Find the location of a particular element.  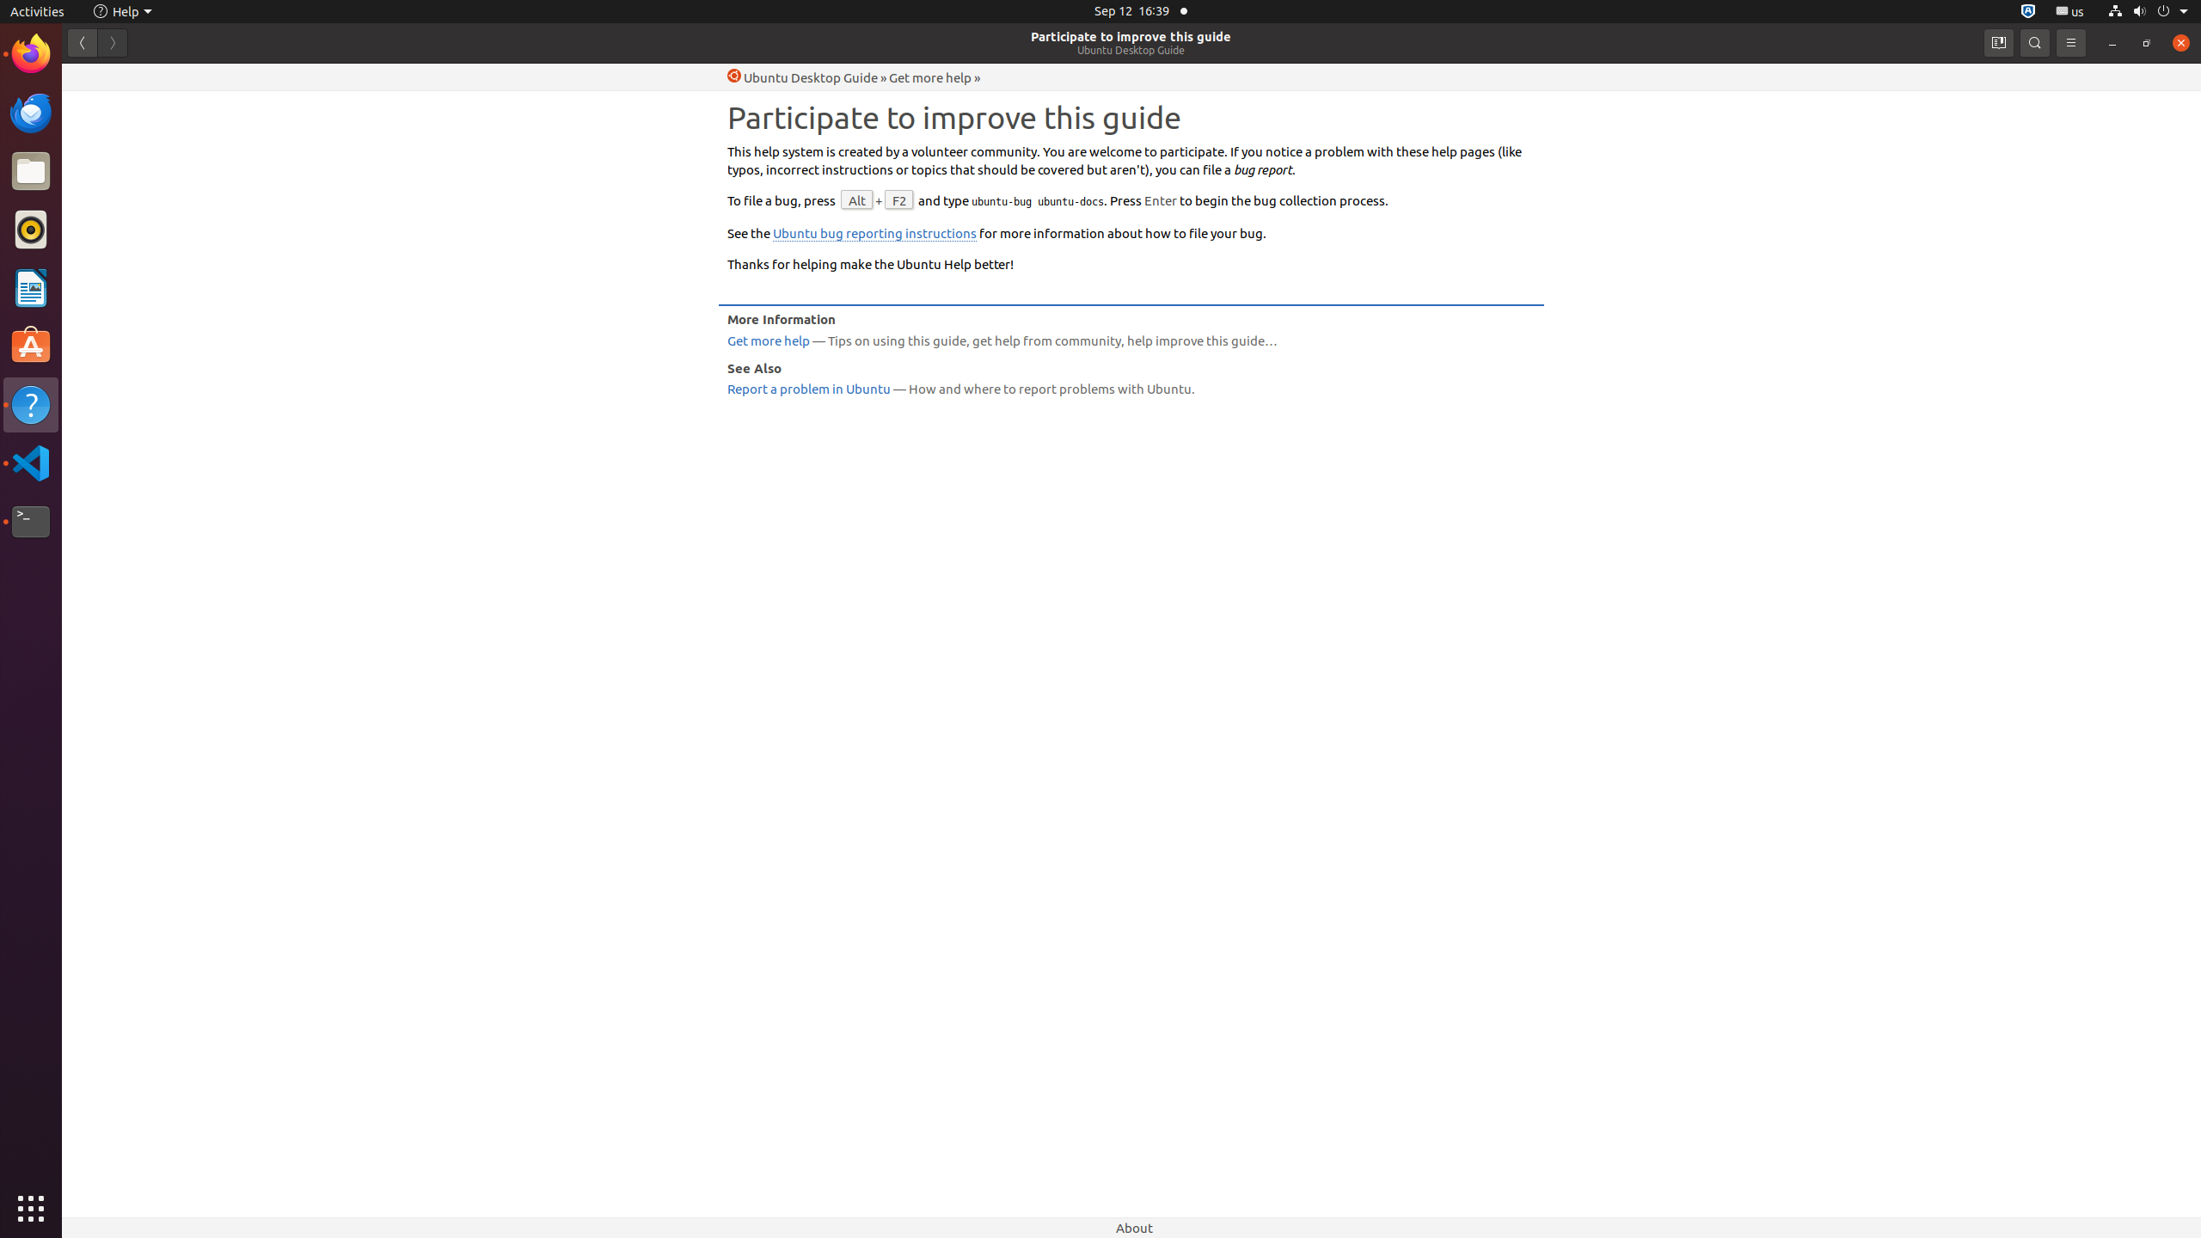

'Close' is located at coordinates (2180, 42).